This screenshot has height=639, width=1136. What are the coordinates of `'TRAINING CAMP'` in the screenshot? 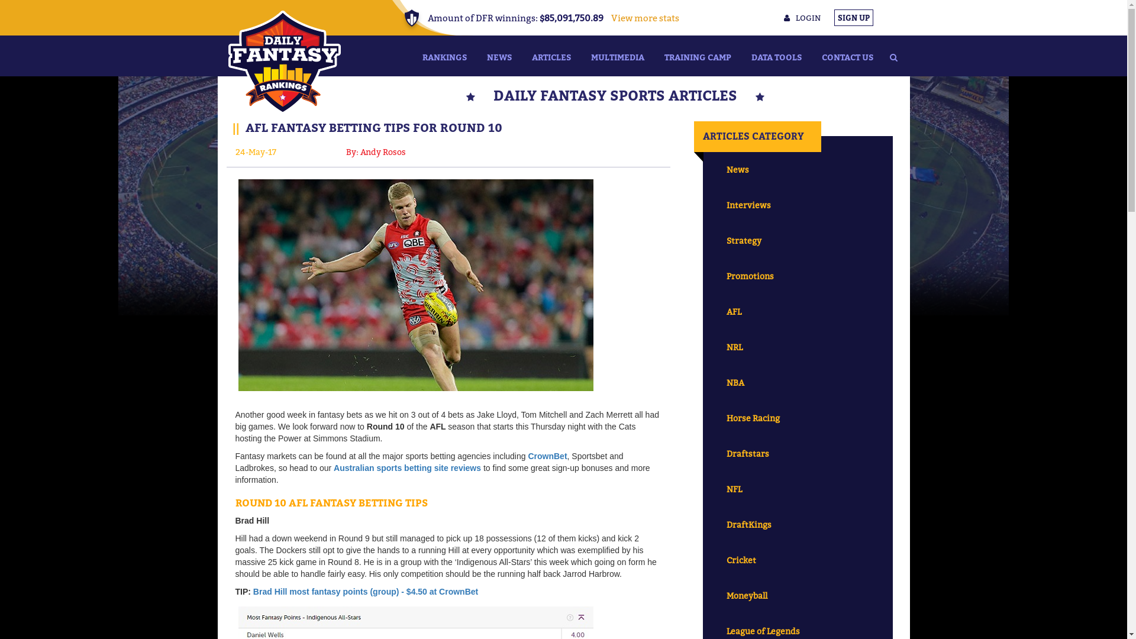 It's located at (698, 56).